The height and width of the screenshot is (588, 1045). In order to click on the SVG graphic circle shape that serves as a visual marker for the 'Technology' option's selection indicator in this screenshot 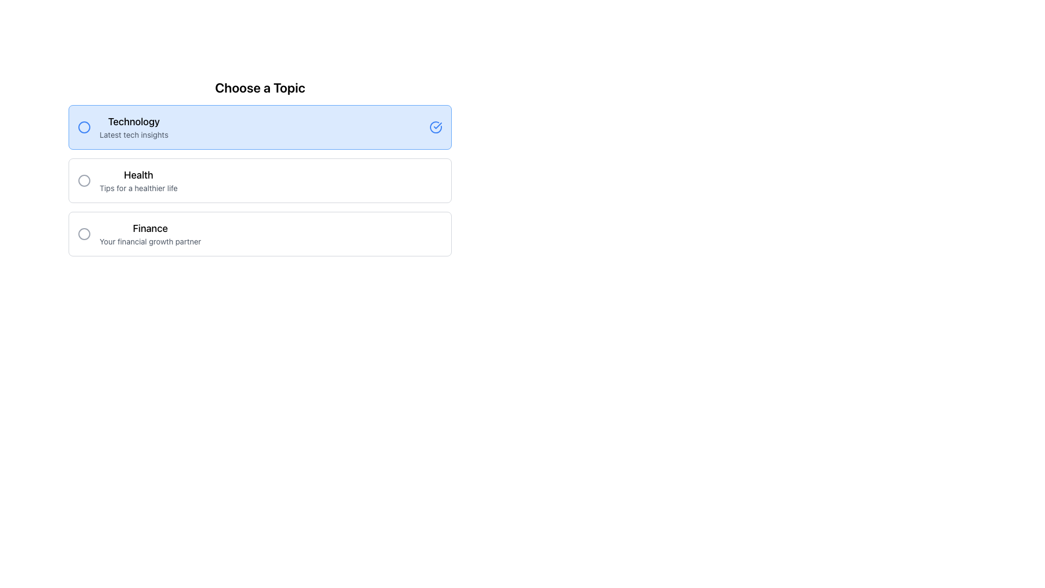, I will do `click(83, 127)`.